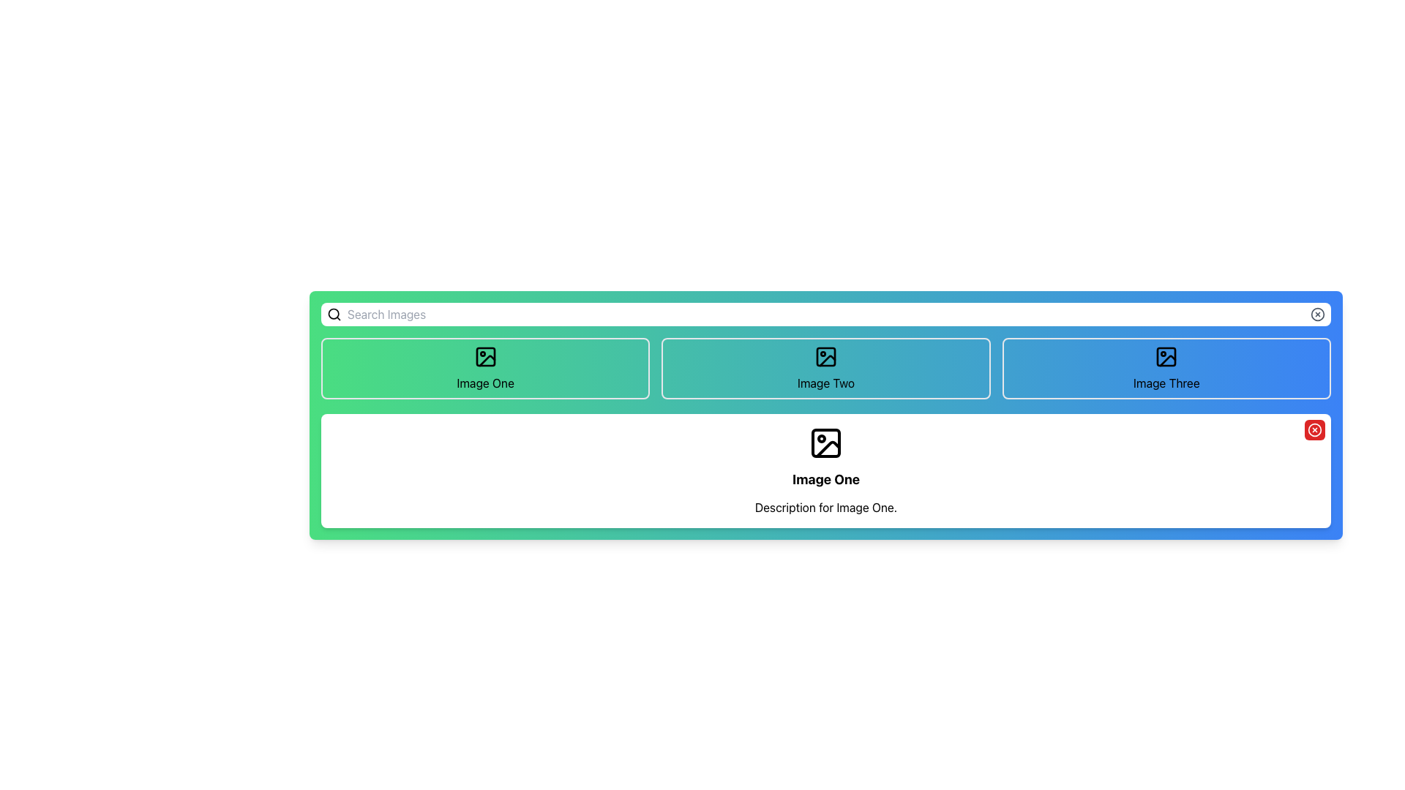 This screenshot has width=1405, height=790. What do you see at coordinates (1314, 429) in the screenshot?
I see `the close button located at the top-right corner of the card labeled 'Image One'` at bounding box center [1314, 429].